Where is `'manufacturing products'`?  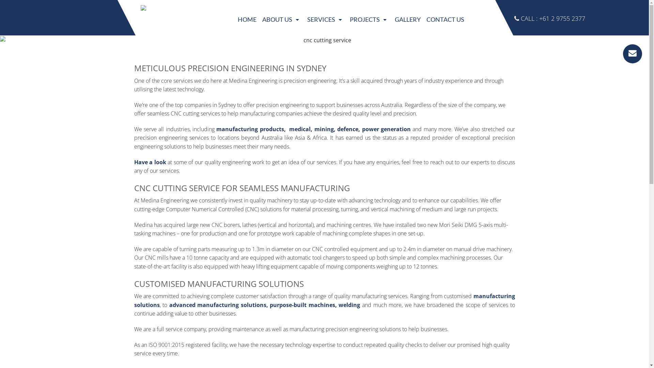 'manufacturing products' is located at coordinates (250, 129).